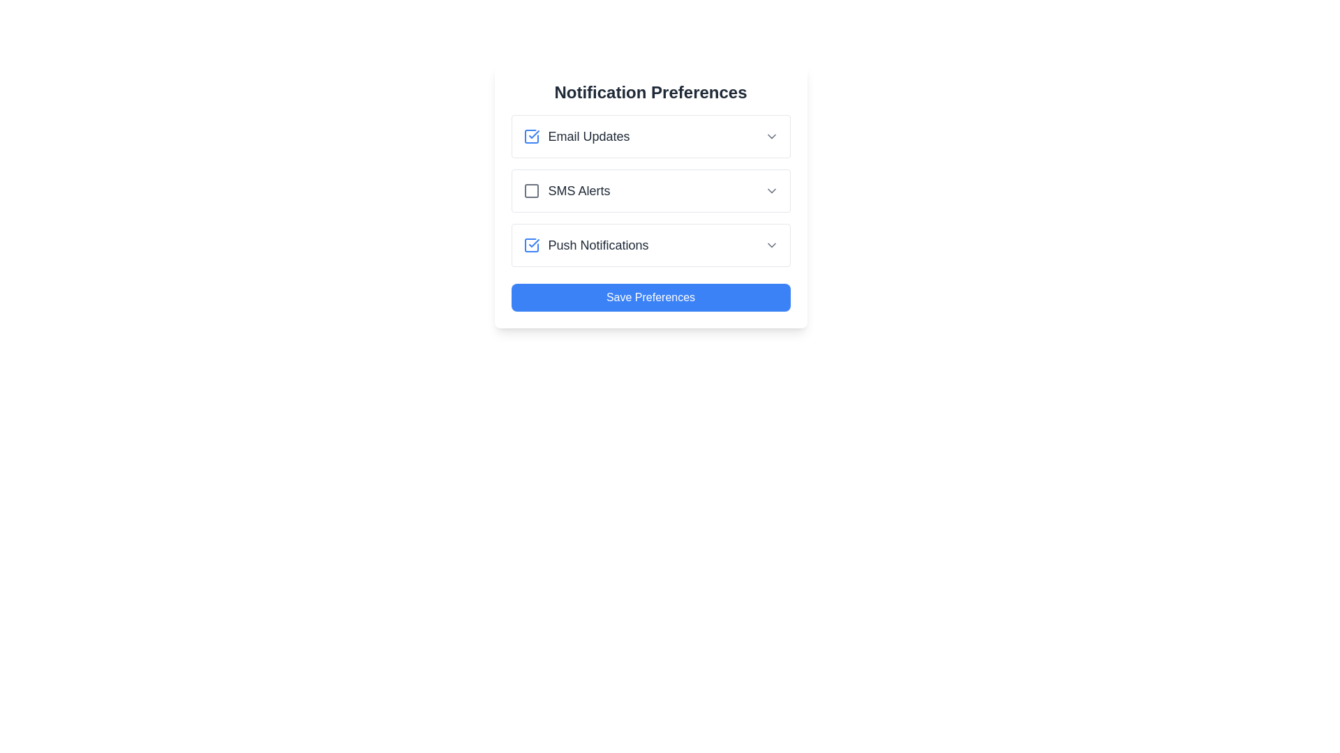  I want to click on the 'Email Updates' checkbox by navigating via keyboard, so click(530, 137).